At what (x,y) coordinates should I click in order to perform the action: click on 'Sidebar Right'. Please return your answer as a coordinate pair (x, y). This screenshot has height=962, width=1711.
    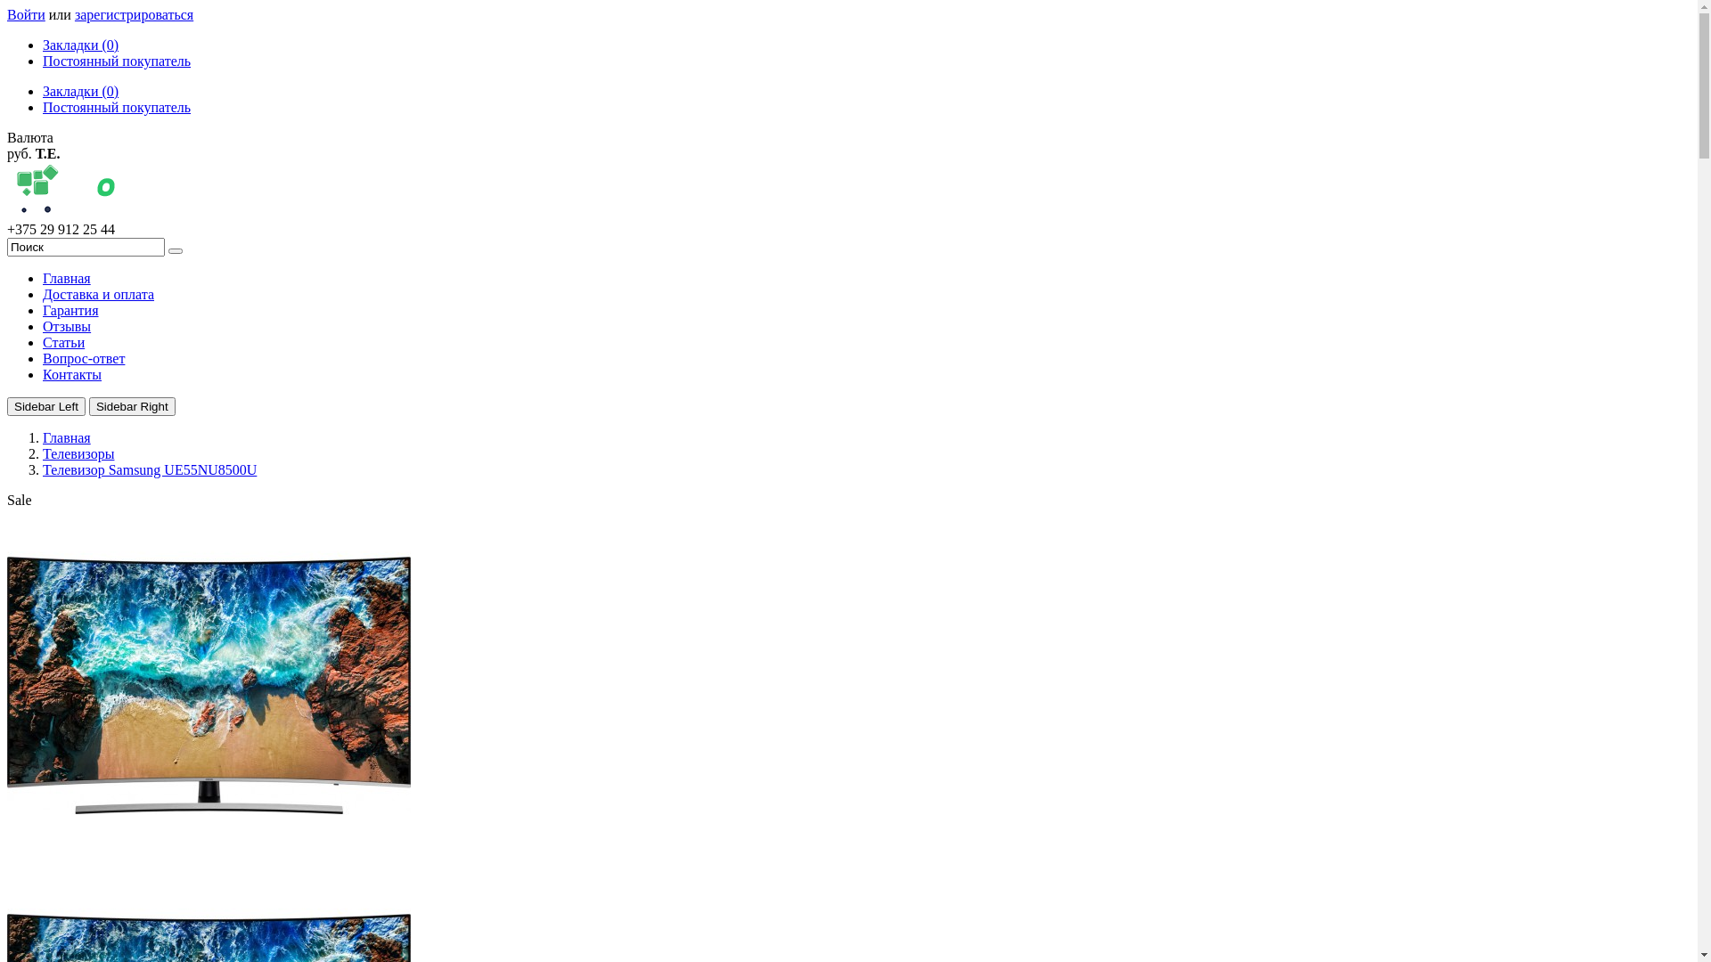
    Looking at the image, I should click on (131, 406).